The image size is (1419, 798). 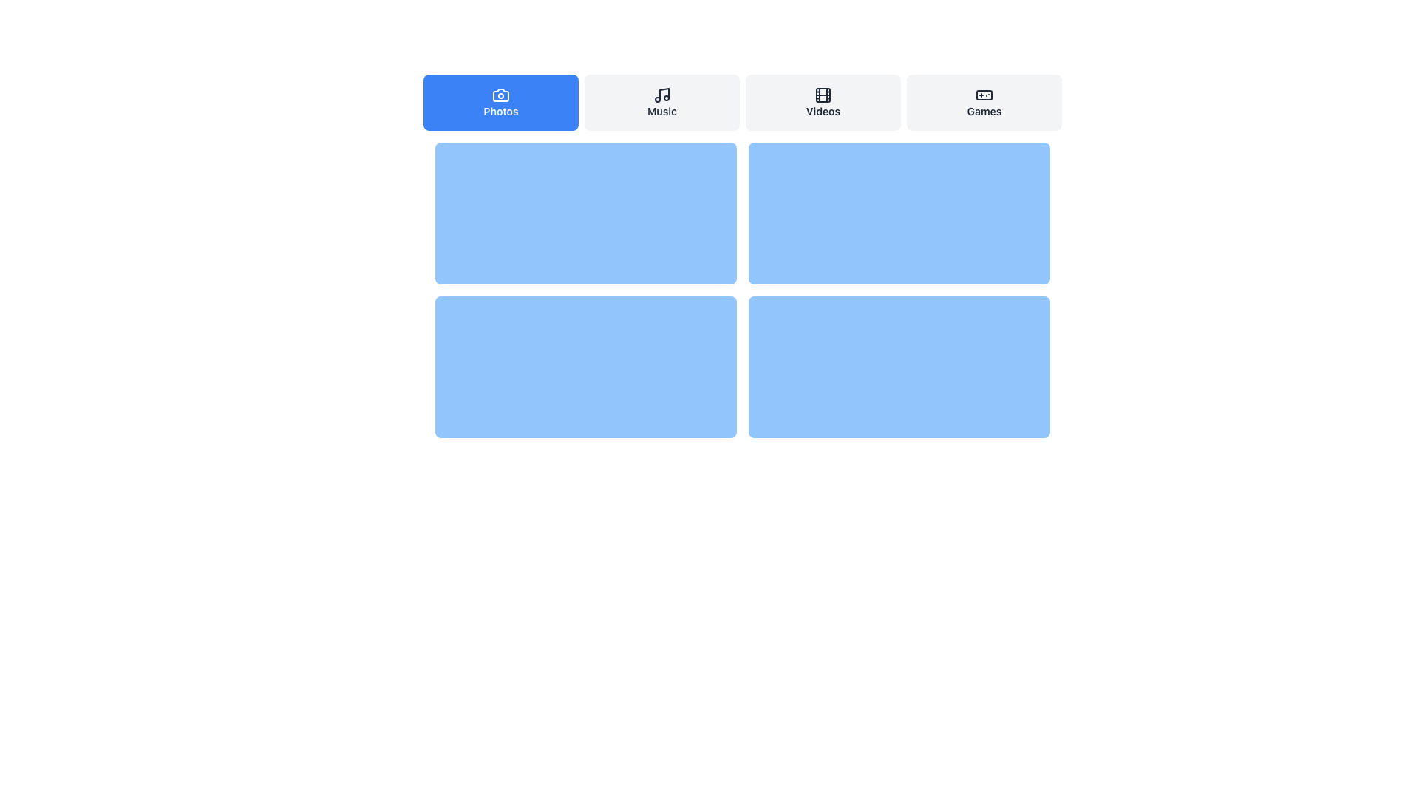 What do you see at coordinates (661, 95) in the screenshot?
I see `the music note icon, which is part of the 'Music' button located between the 'Photos' and 'Videos' buttons in the top navigation` at bounding box center [661, 95].